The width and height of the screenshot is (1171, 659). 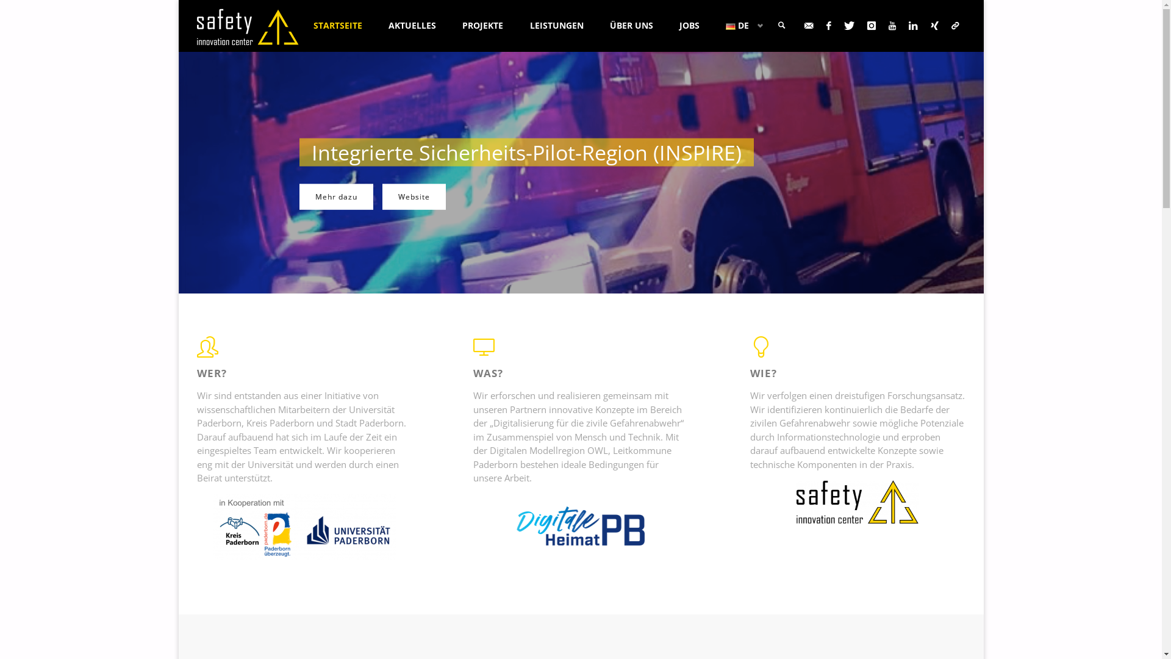 What do you see at coordinates (196, 26) in the screenshot?
I see `'safety innovation center gGmbH'` at bounding box center [196, 26].